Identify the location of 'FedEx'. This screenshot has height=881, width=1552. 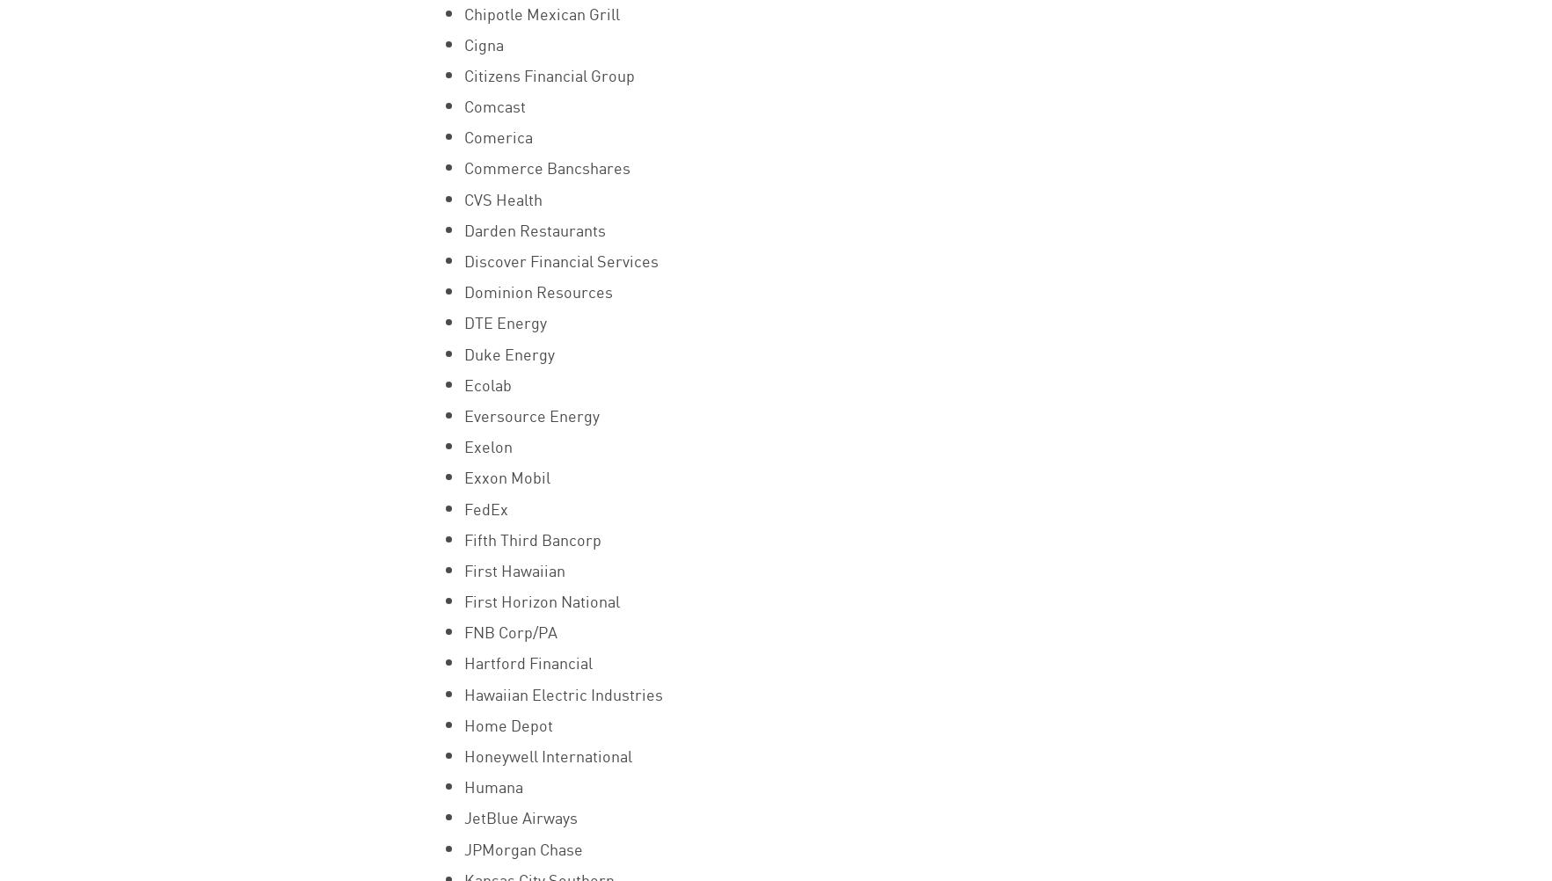
(484, 506).